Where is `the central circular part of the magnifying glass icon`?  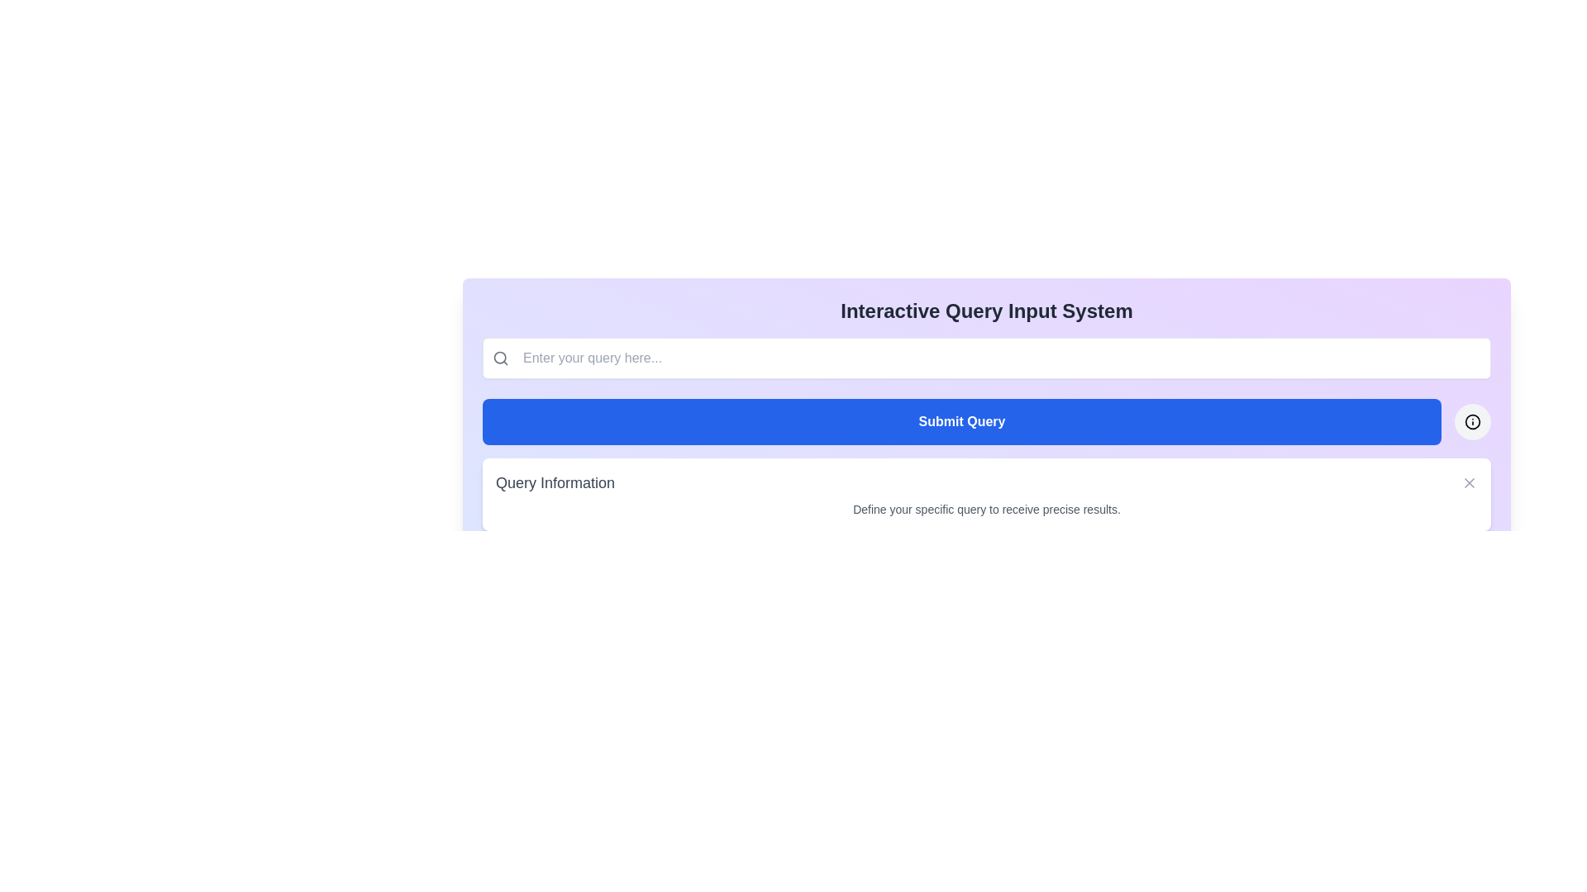 the central circular part of the magnifying glass icon is located at coordinates (499, 357).